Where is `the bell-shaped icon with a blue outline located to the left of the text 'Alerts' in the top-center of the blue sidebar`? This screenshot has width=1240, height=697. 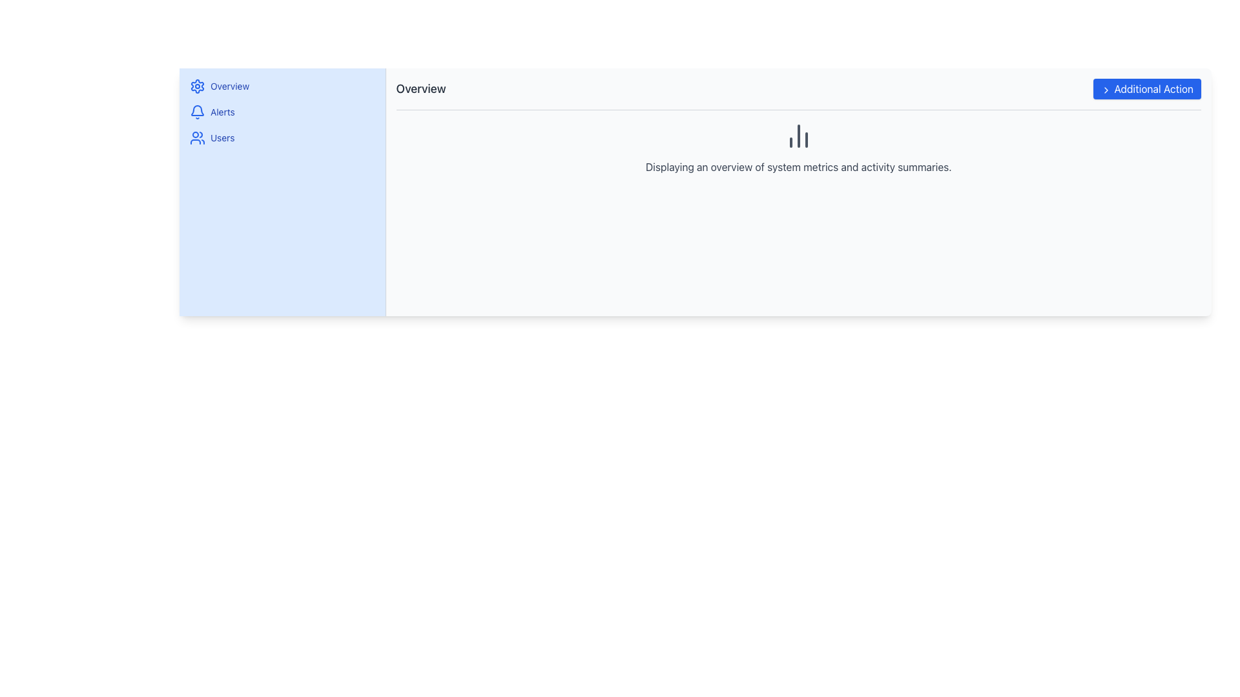
the bell-shaped icon with a blue outline located to the left of the text 'Alerts' in the top-center of the blue sidebar is located at coordinates (197, 111).